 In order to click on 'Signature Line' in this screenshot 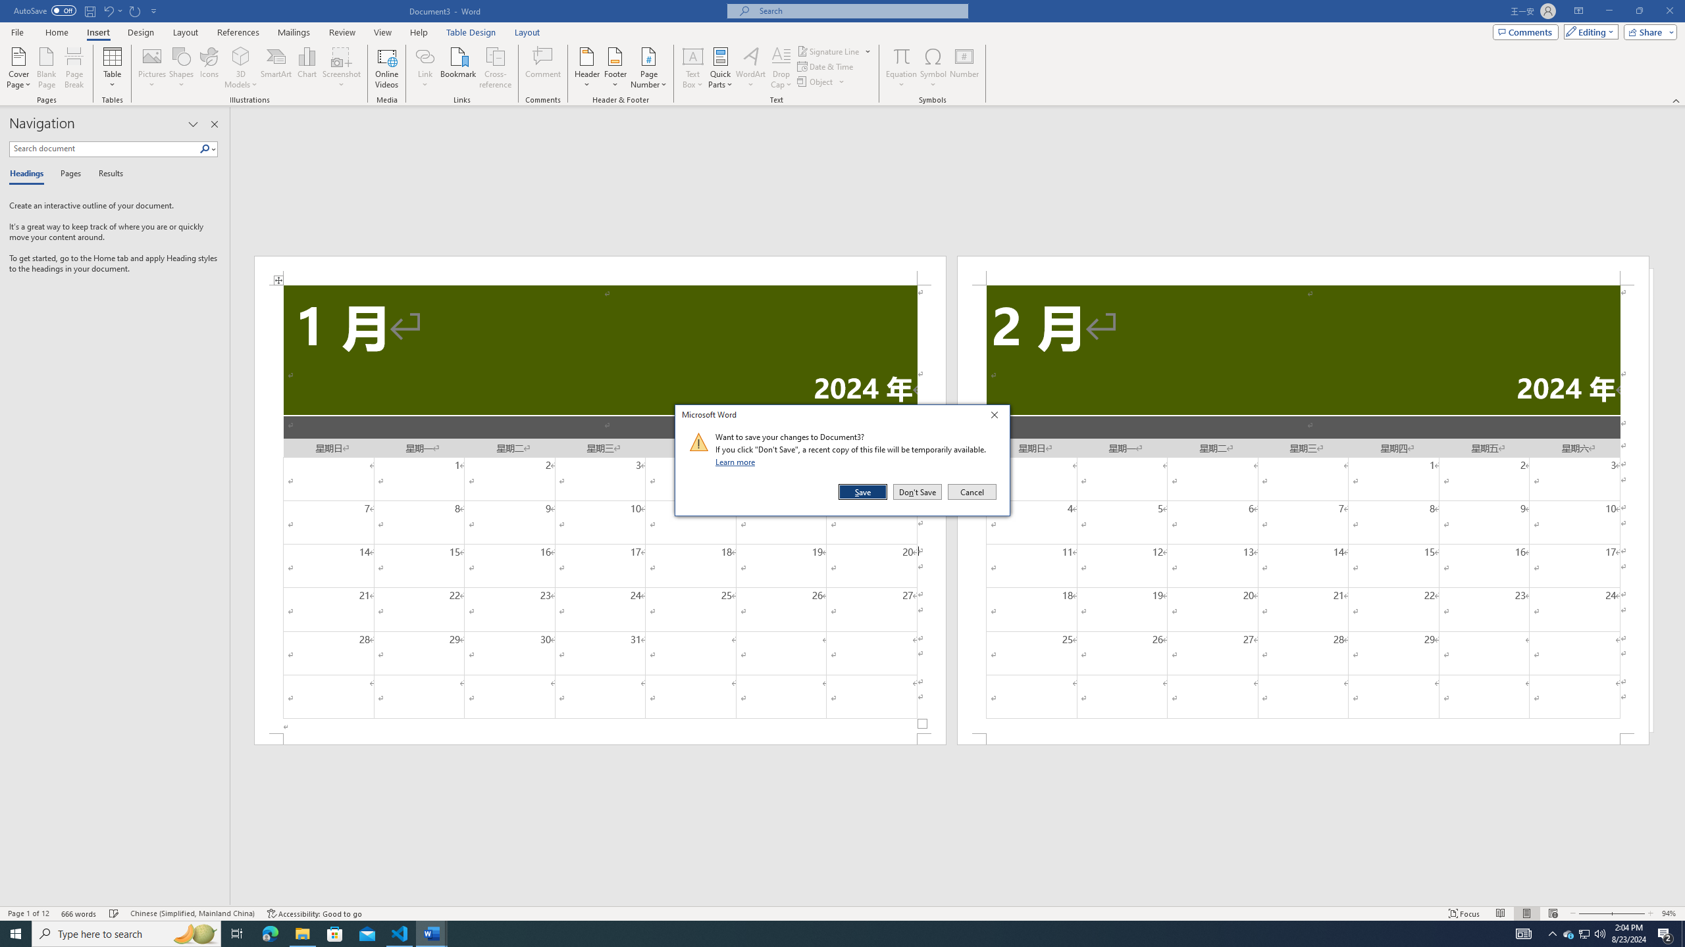, I will do `click(829, 51)`.